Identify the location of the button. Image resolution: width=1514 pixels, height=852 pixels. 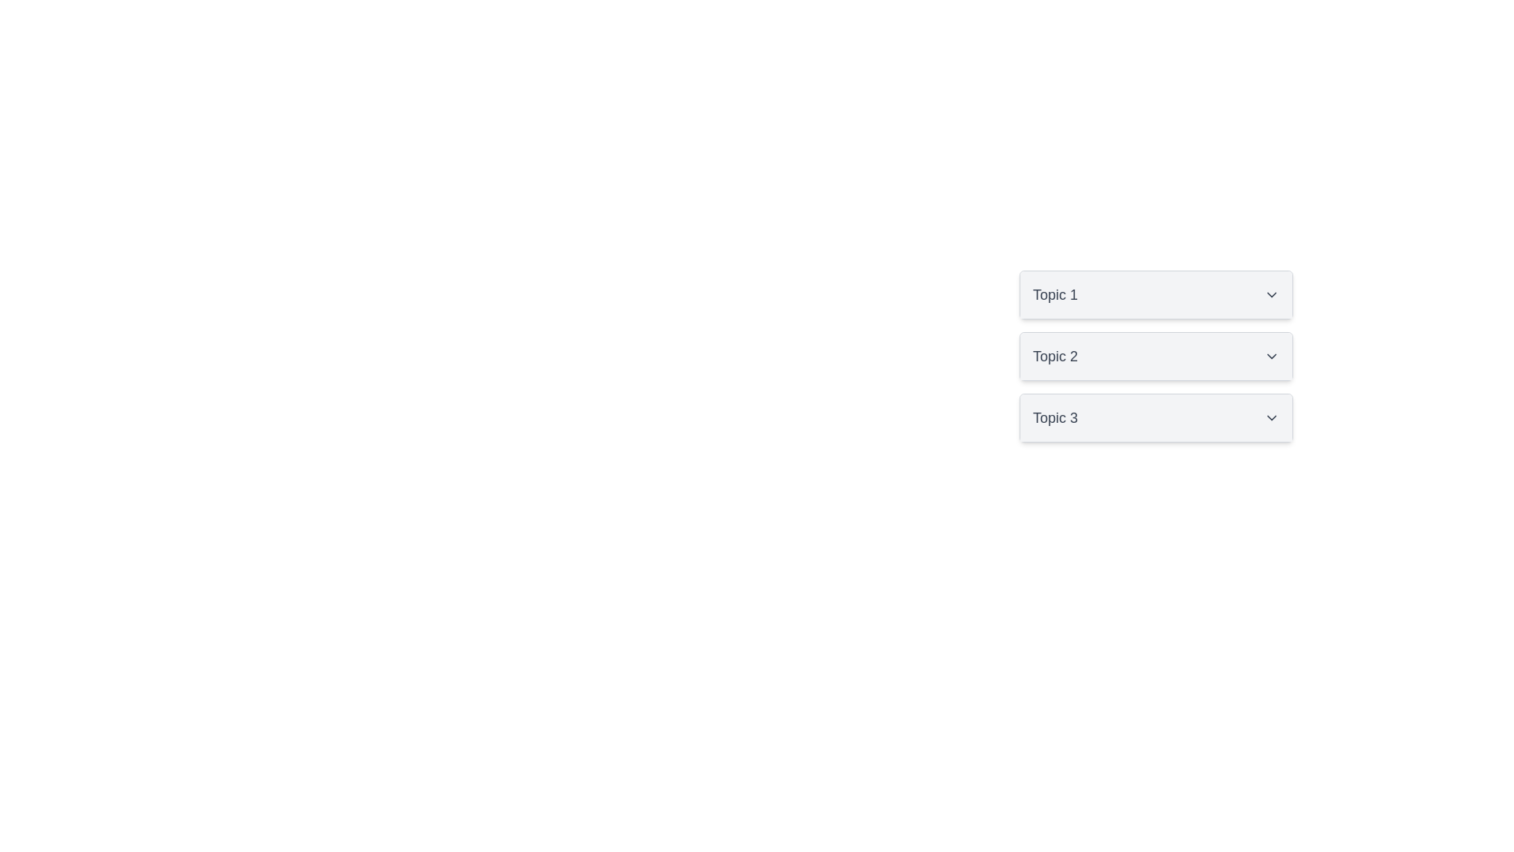
(1156, 356).